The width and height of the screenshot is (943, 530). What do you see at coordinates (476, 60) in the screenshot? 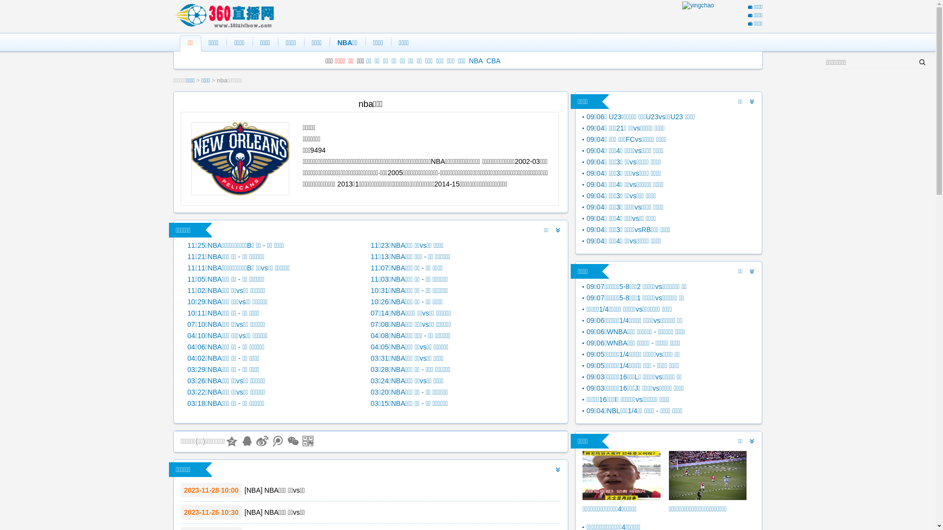
I see `'NBA'` at bounding box center [476, 60].